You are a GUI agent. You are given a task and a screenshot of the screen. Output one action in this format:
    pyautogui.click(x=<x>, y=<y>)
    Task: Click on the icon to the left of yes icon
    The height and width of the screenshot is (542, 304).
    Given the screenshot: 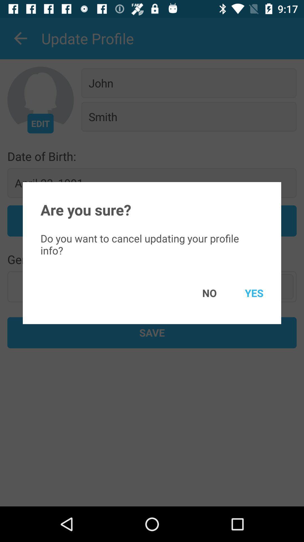 What is the action you would take?
    pyautogui.click(x=201, y=293)
    